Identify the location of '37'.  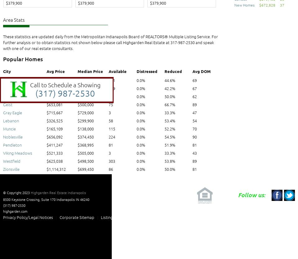
(282, 5).